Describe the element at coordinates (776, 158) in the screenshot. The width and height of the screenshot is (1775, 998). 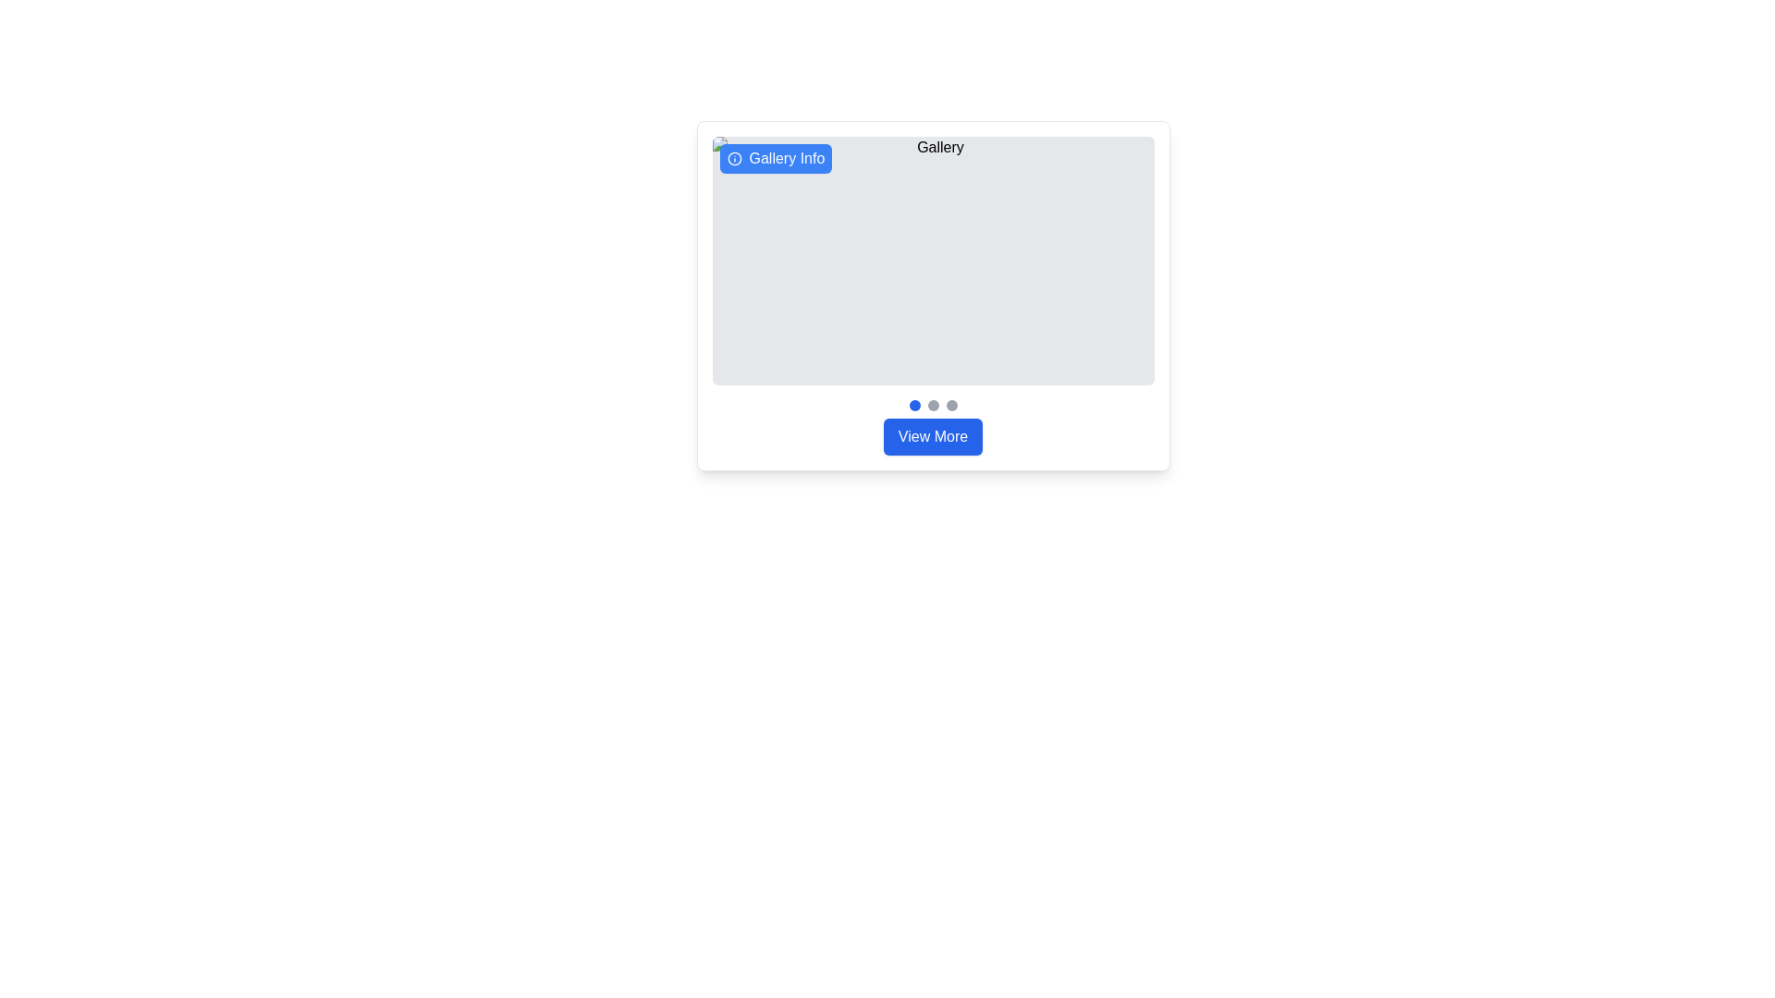
I see `the non-clickable informational button labeled 'Gallery Info' with a blue background and white text, located in the top-left corner of the gallery thumbnail area` at that location.